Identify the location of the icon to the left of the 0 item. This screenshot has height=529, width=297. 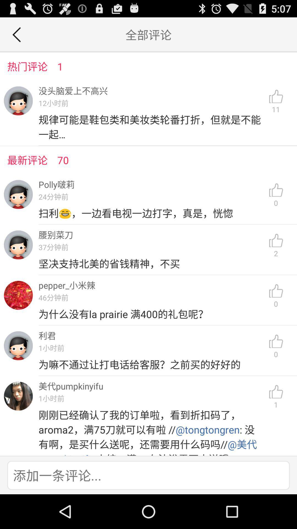
(151, 365).